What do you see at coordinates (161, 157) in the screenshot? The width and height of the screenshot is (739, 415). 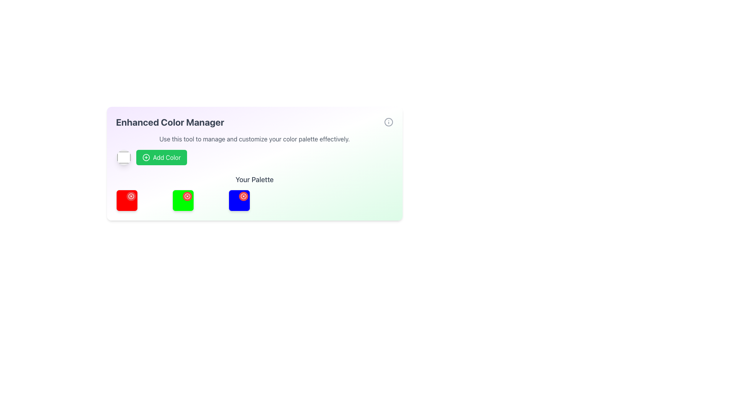 I see `the 'Add Color' button, which is a rectangular button with a green background and rounded edges, containing white text and a plus icon, located towards the top-left of the interface` at bounding box center [161, 157].